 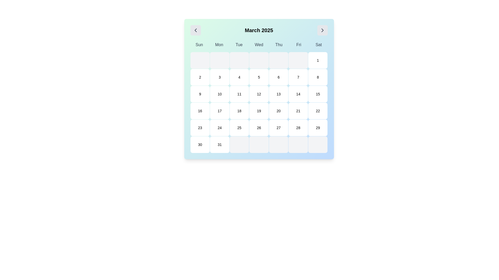 I want to click on the button with a gray background and rounded corners, located at the far right of the header section of a calendar interface, to indicate its active state, so click(x=322, y=30).